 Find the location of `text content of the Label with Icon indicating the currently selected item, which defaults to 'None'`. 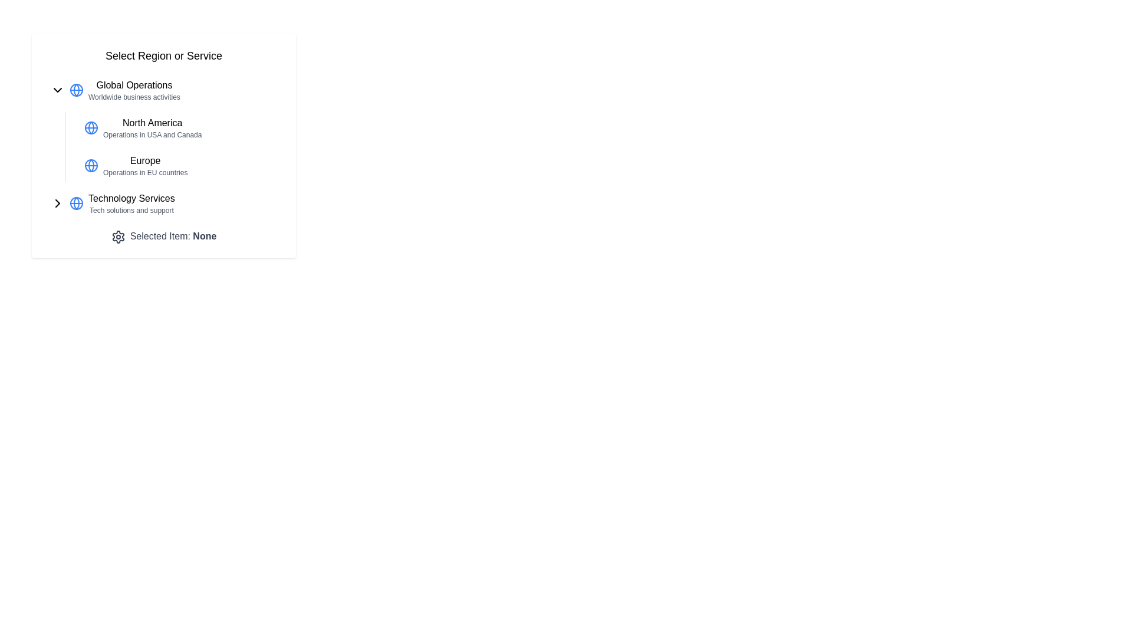

text content of the Label with Icon indicating the currently selected item, which defaults to 'None' is located at coordinates (163, 237).